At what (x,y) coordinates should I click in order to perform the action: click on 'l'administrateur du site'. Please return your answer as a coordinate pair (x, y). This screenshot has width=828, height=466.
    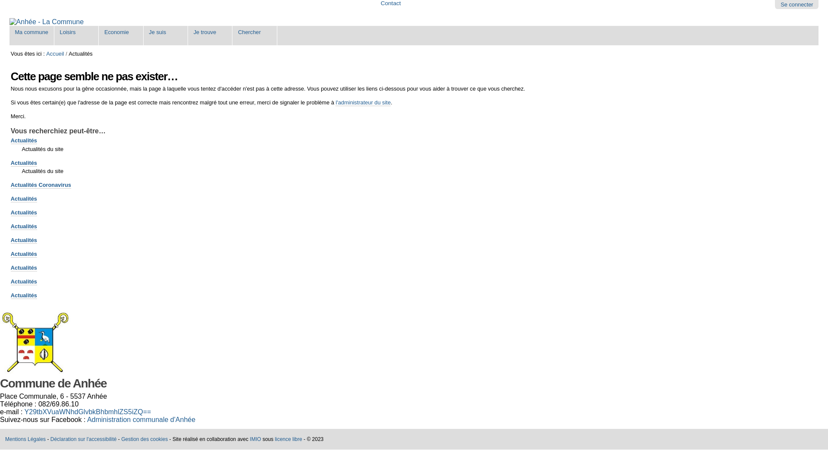
    Looking at the image, I should click on (363, 102).